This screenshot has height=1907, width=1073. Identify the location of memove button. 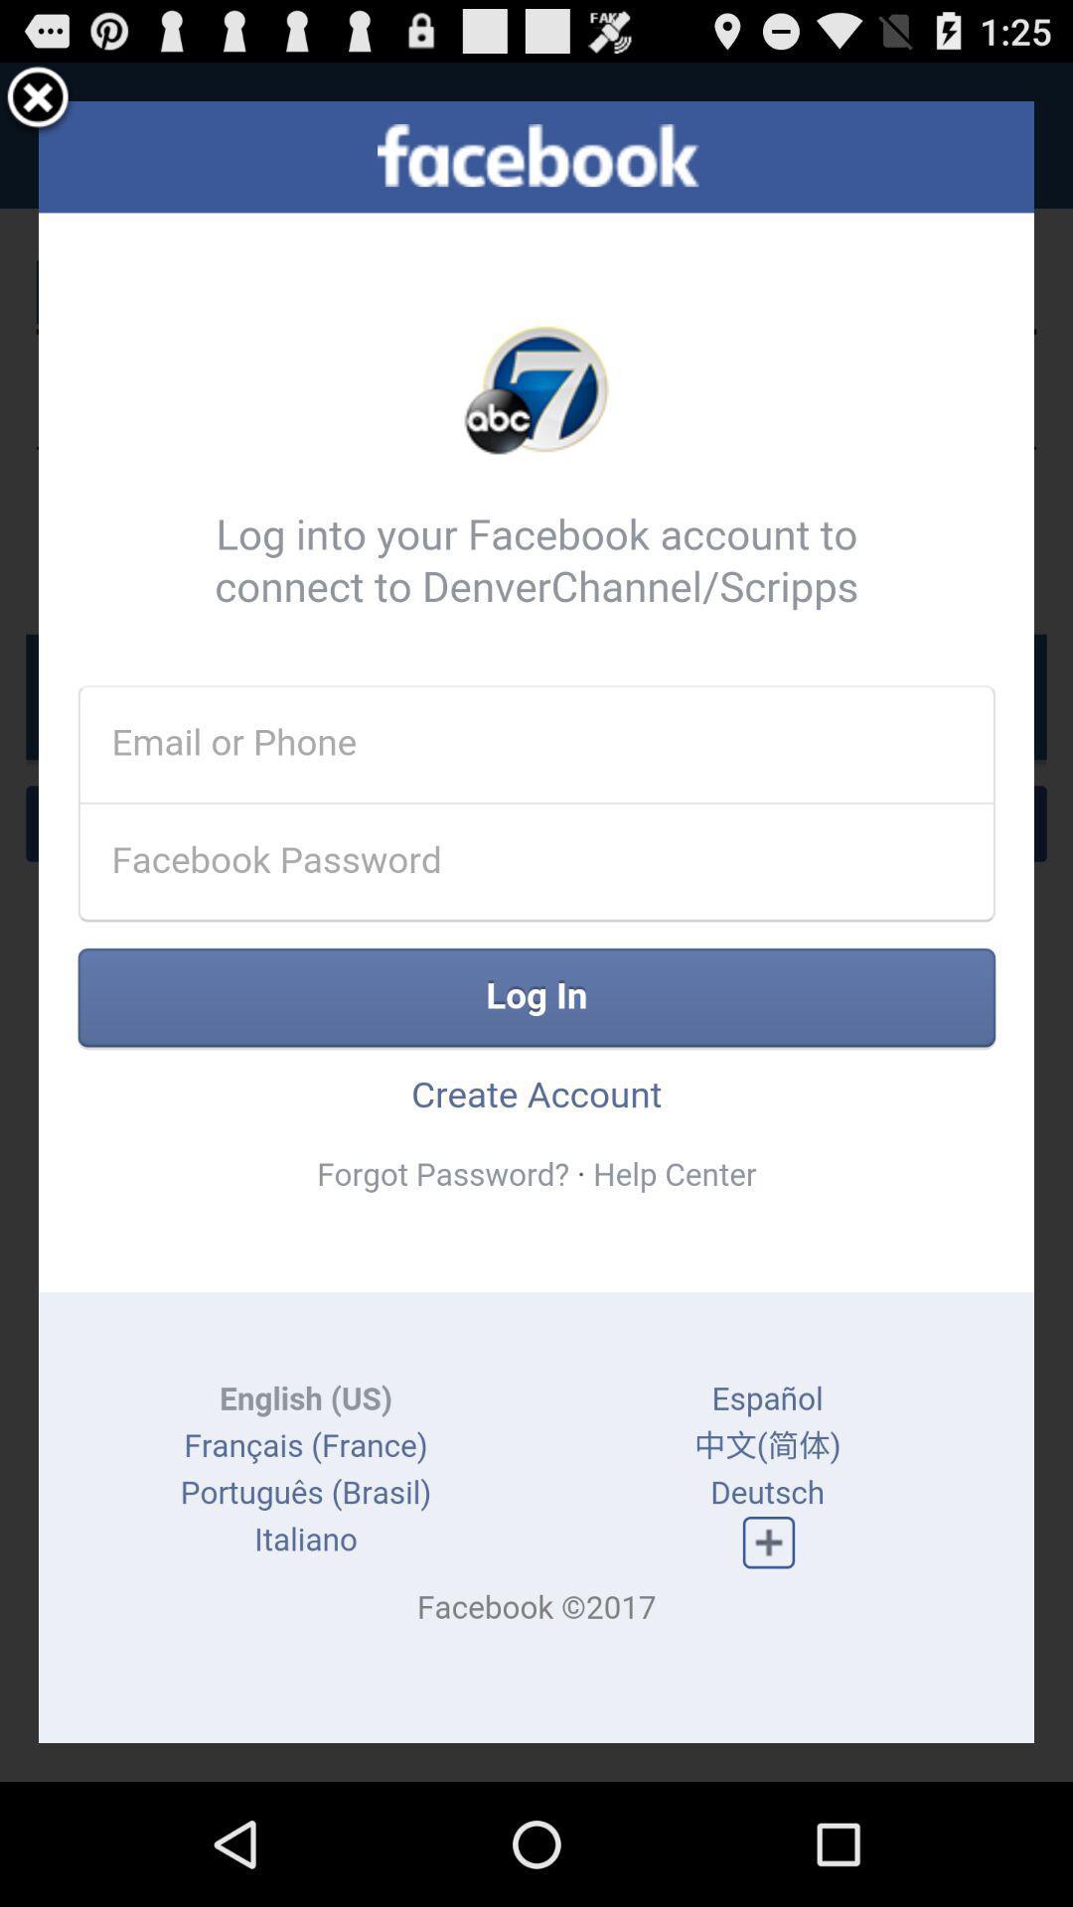
(38, 99).